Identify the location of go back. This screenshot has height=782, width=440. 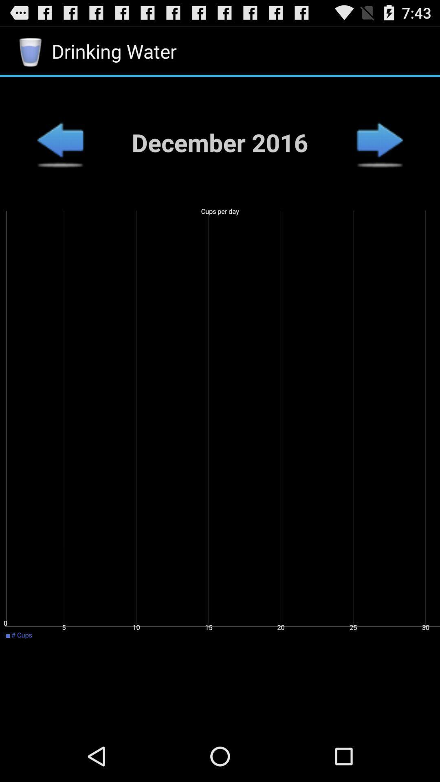
(59, 142).